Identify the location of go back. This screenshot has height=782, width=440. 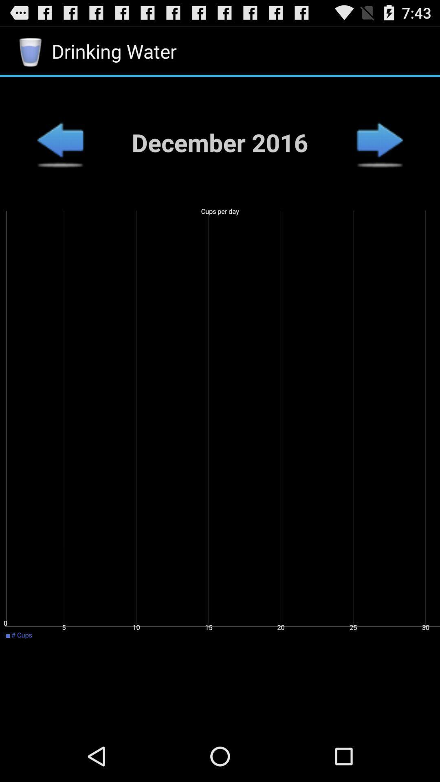
(59, 142).